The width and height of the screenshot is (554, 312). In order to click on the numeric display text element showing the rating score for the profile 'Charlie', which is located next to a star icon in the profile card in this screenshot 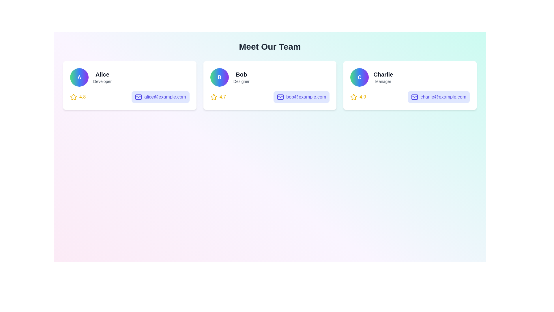, I will do `click(362, 96)`.